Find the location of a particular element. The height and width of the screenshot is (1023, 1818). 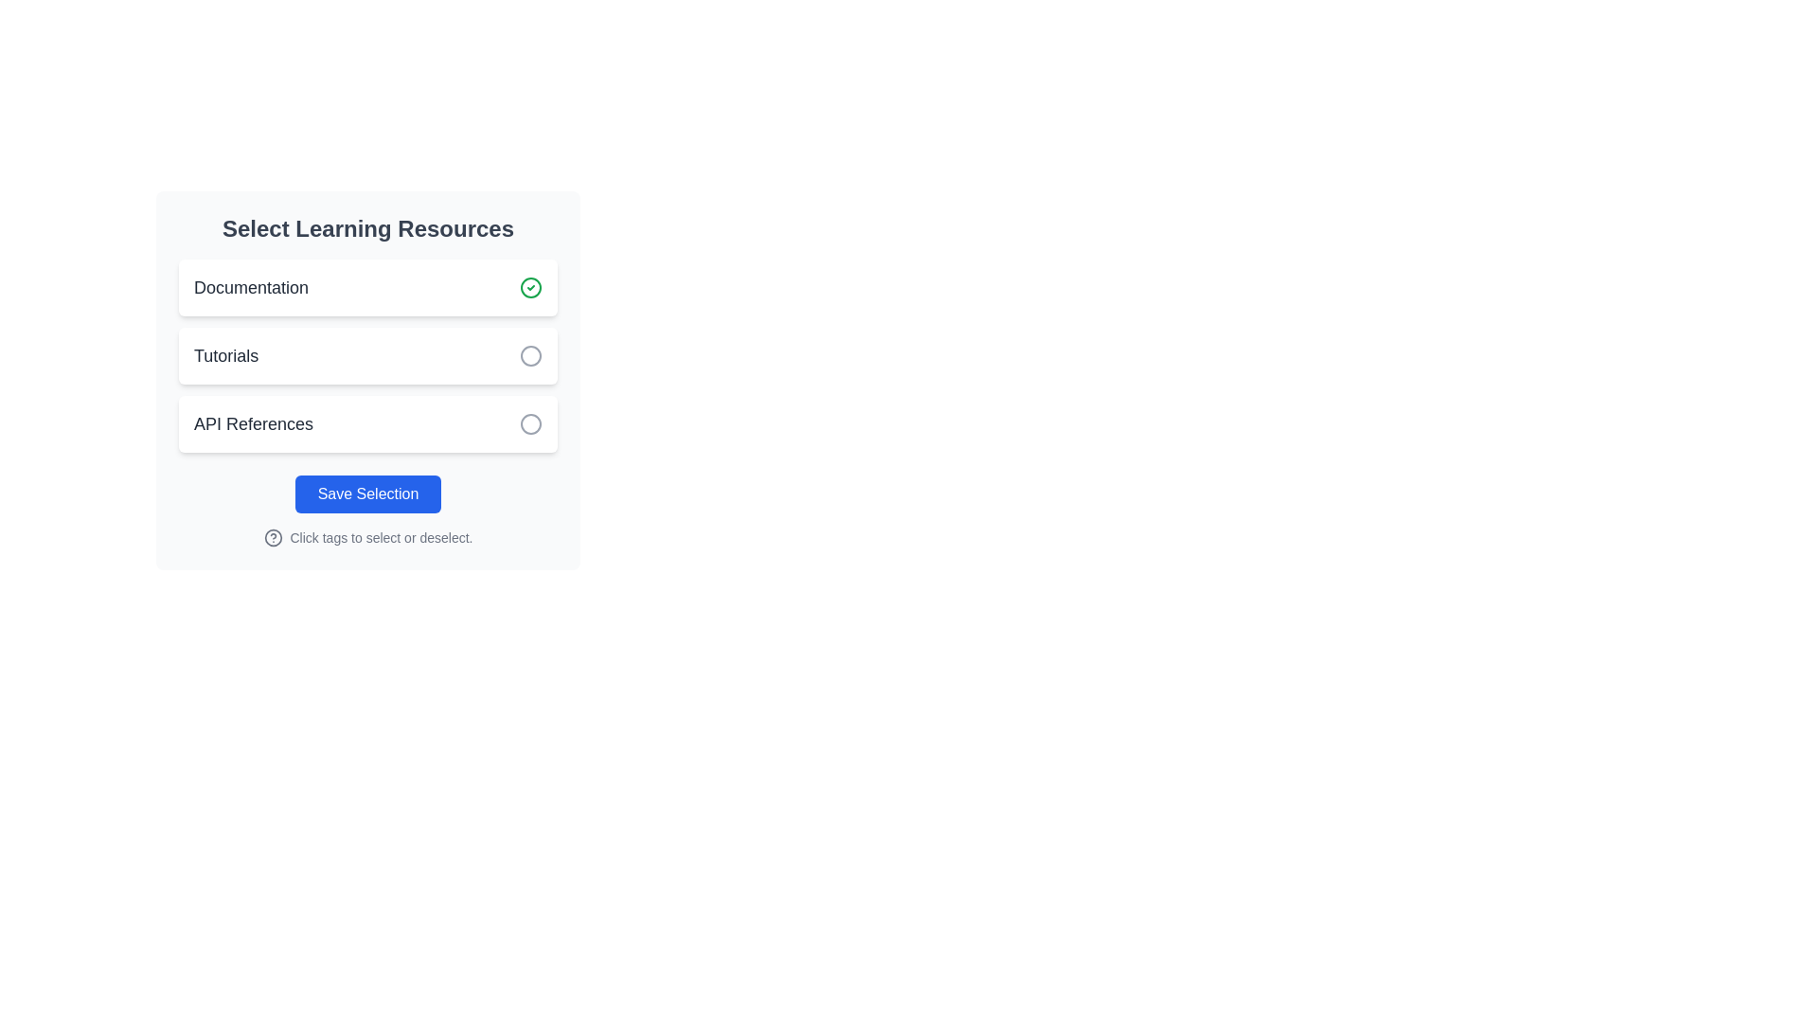

the radio button for selecting the 'Tutorials' option is located at coordinates (530, 355).